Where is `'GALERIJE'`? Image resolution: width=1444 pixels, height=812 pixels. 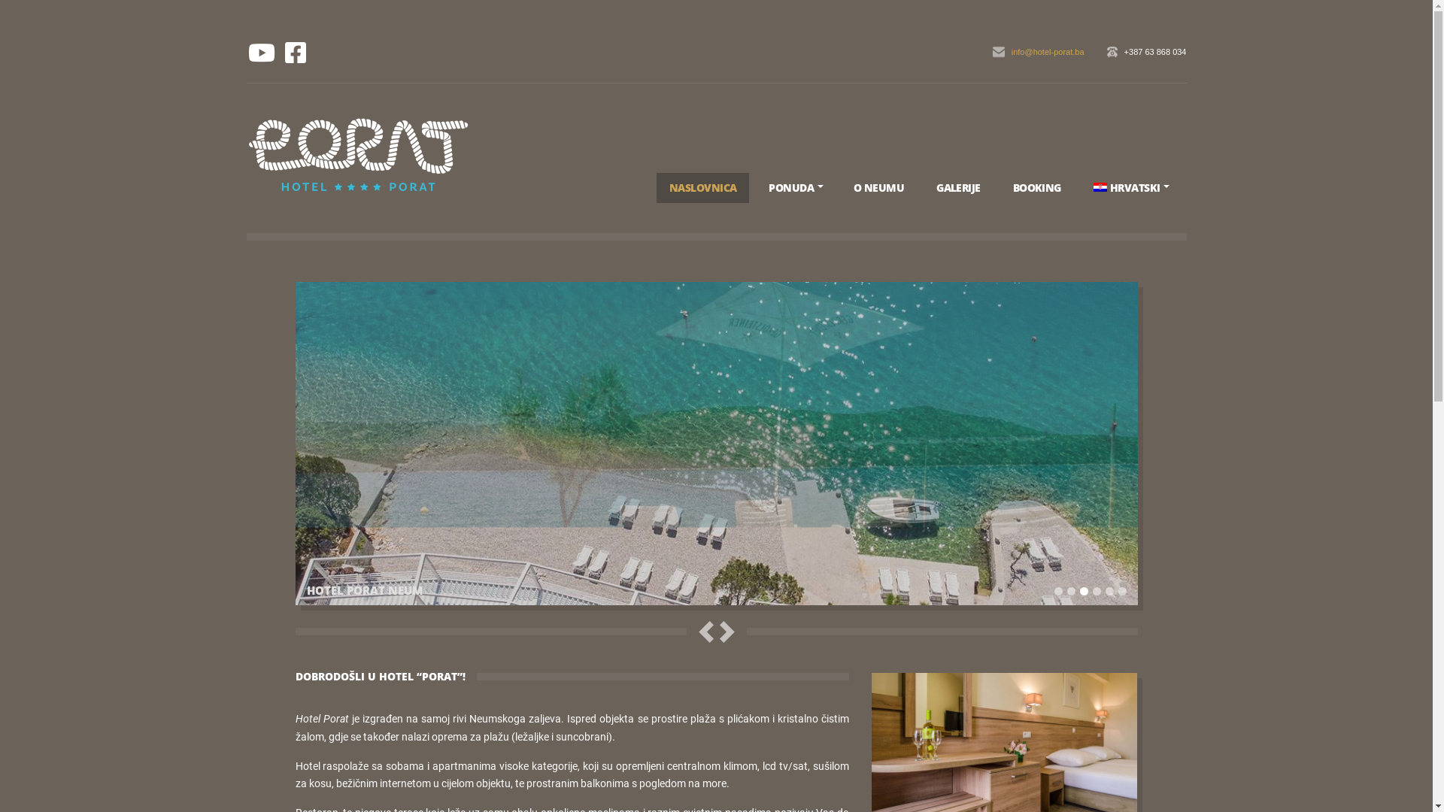 'GALERIJE' is located at coordinates (957, 187).